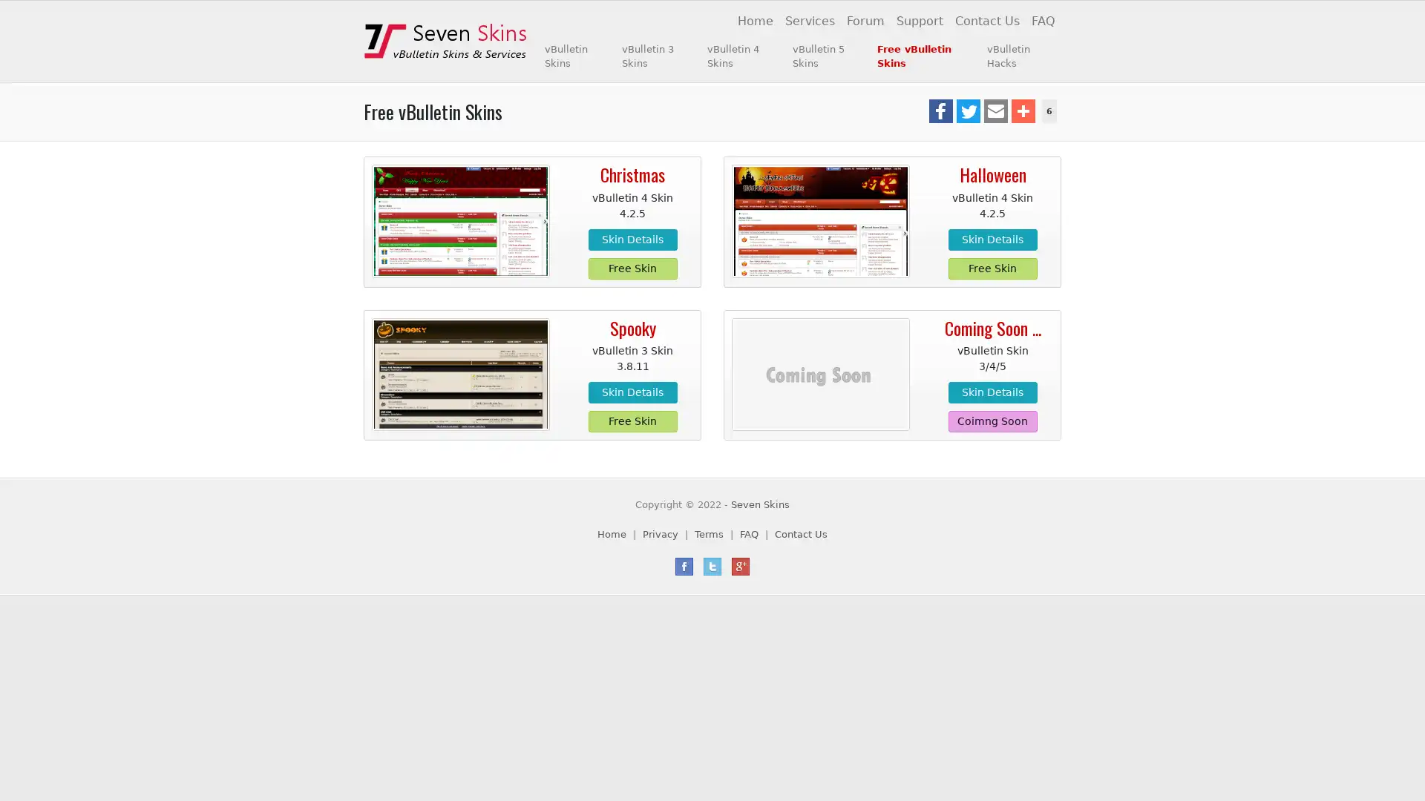  Describe the element at coordinates (995, 111) in the screenshot. I see `Share to Email` at that location.